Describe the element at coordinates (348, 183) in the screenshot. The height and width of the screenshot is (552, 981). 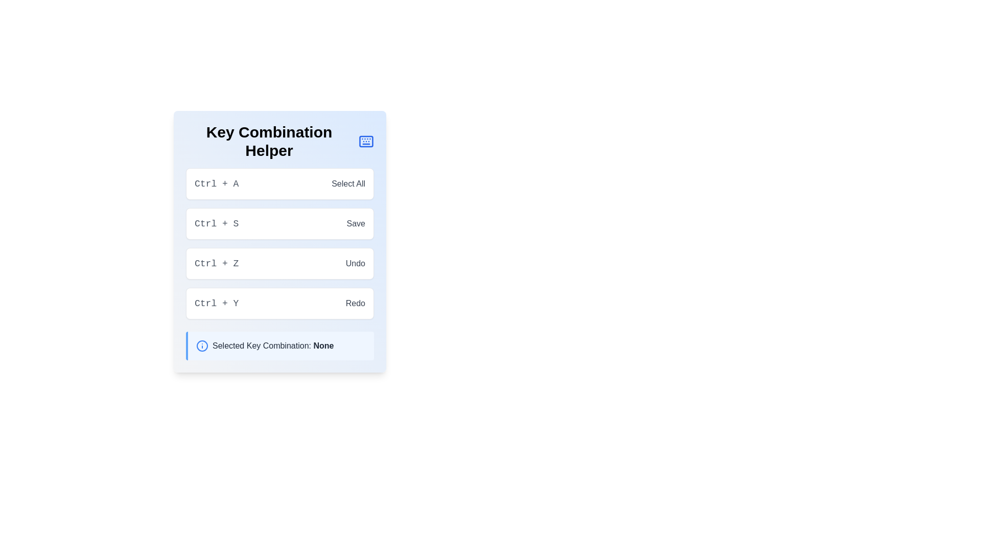
I see `the 'Select All' text label, which is gray and positioned next to the 'Ctrl + A' shortcut in the first shortcut row of key combination options` at that location.